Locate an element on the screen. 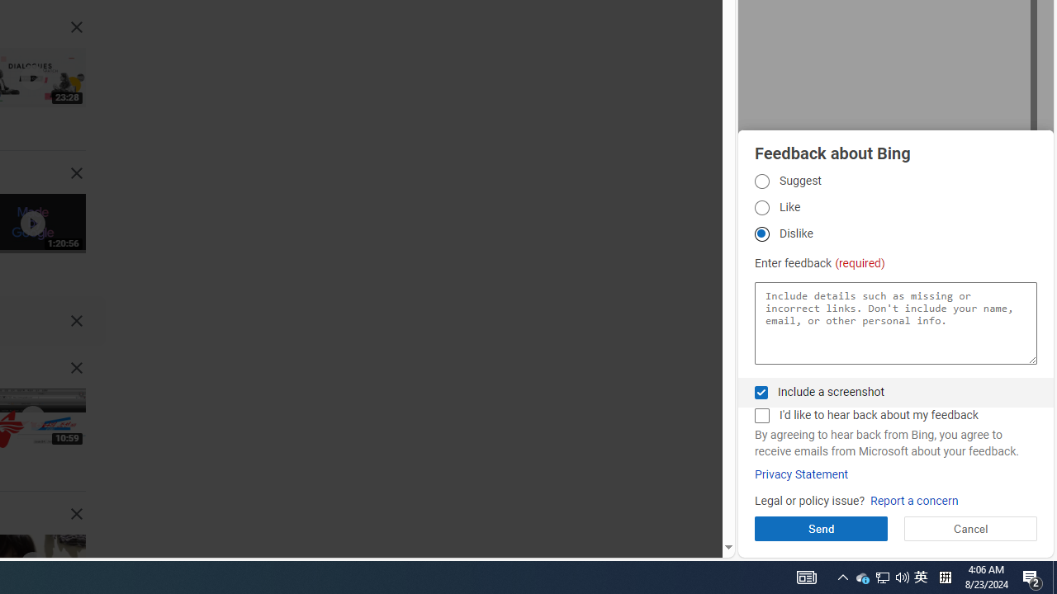 This screenshot has width=1057, height=594. 'Report a concern' is located at coordinates (913, 500).